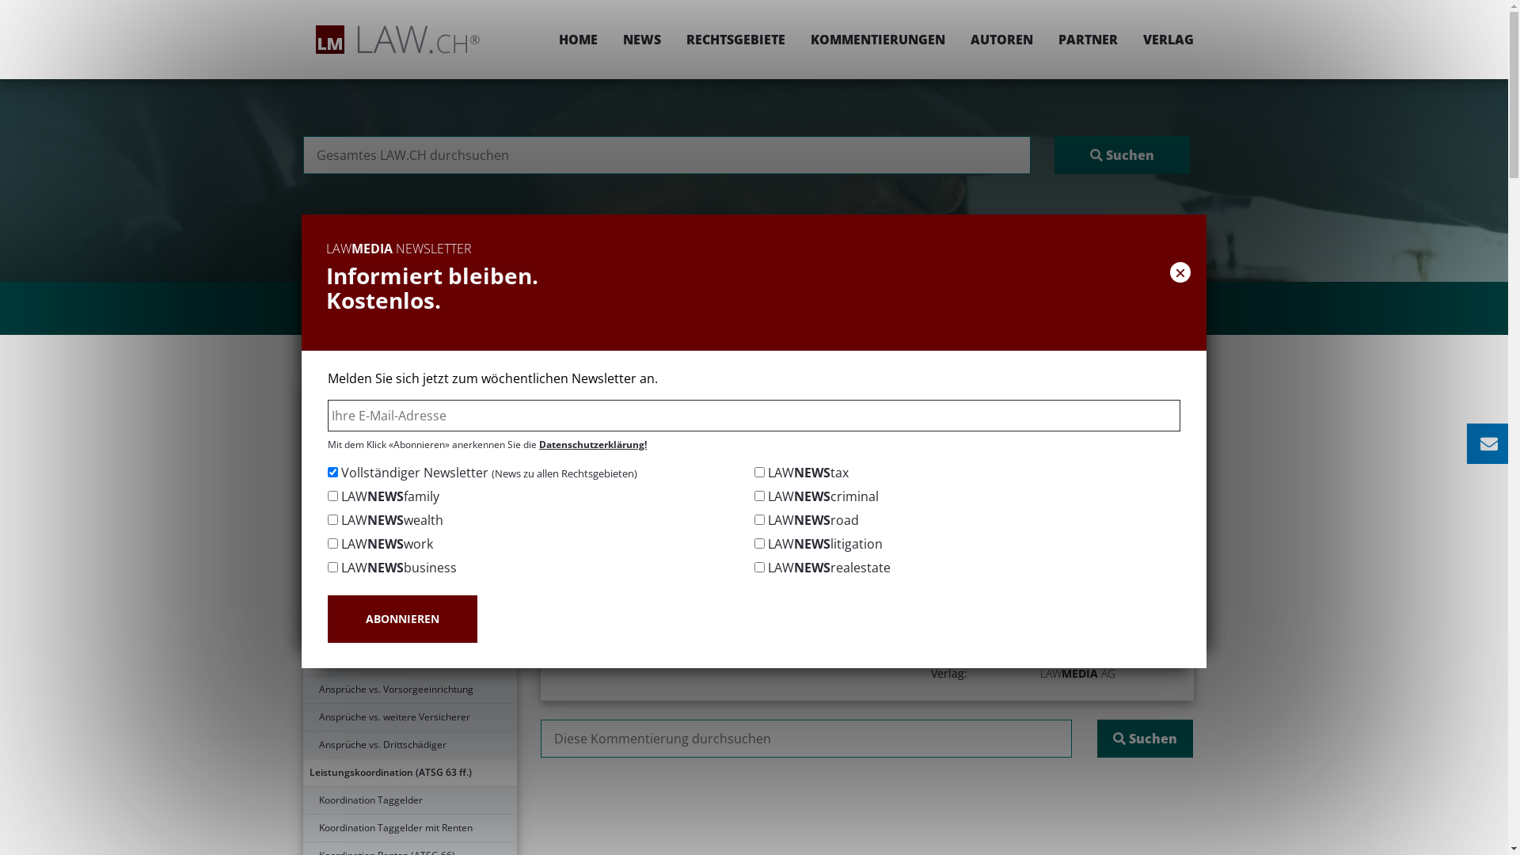  What do you see at coordinates (734, 39) in the screenshot?
I see `'RECHTSGEBIETE'` at bounding box center [734, 39].